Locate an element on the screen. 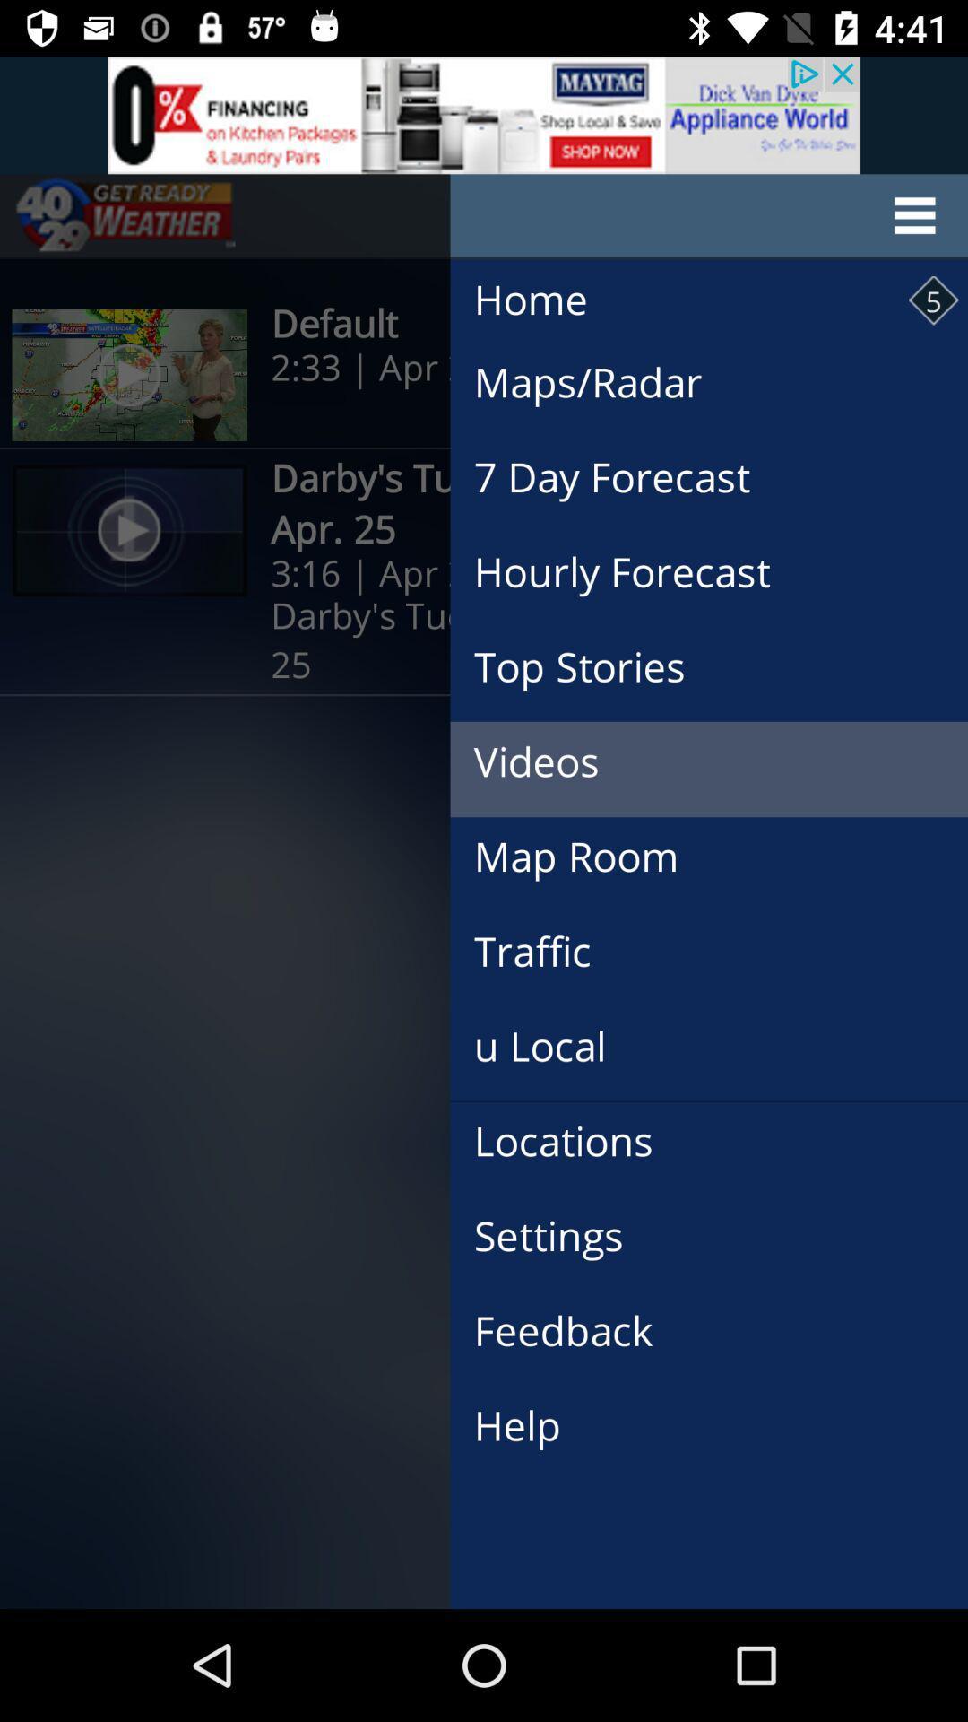  the play button in the second video is located at coordinates (128, 529).